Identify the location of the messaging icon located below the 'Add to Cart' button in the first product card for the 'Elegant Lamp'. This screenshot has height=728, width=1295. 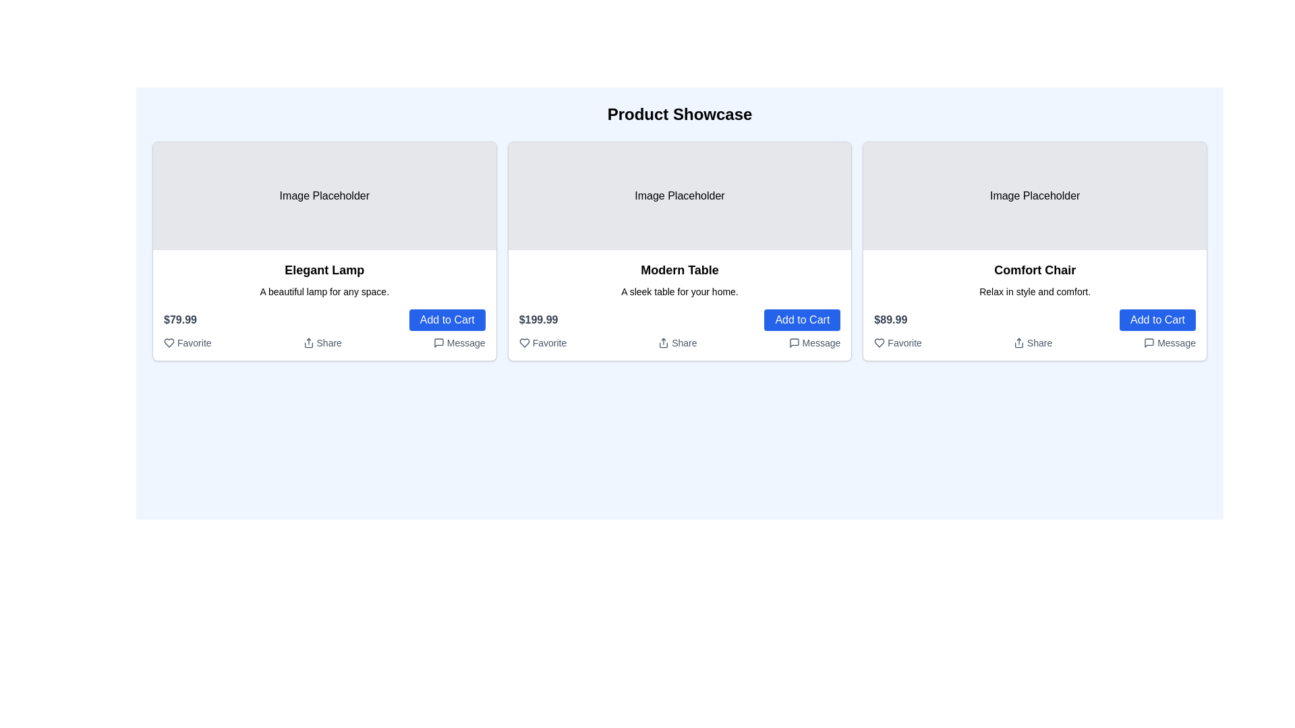
(438, 342).